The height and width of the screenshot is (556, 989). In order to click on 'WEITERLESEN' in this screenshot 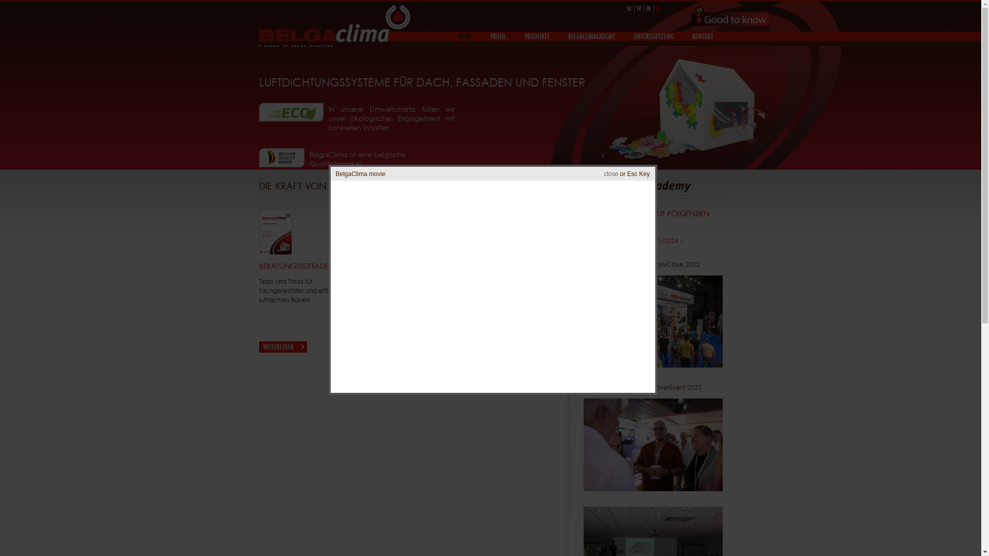, I will do `click(259, 347)`.